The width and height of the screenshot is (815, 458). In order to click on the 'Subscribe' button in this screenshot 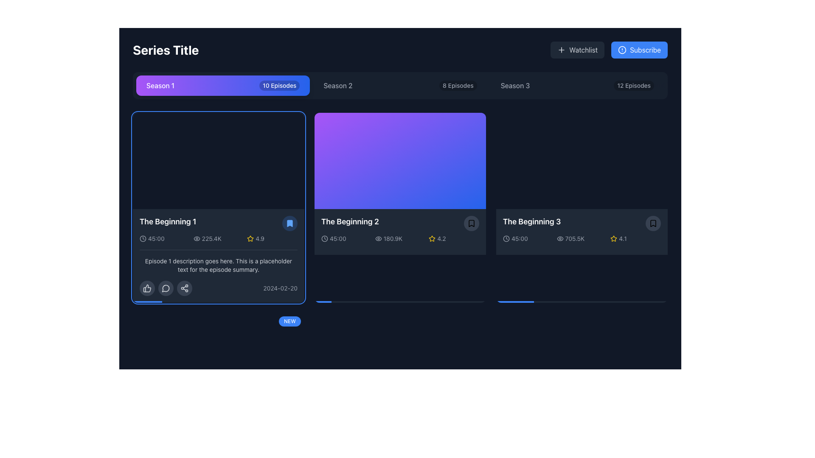, I will do `click(645, 50)`.